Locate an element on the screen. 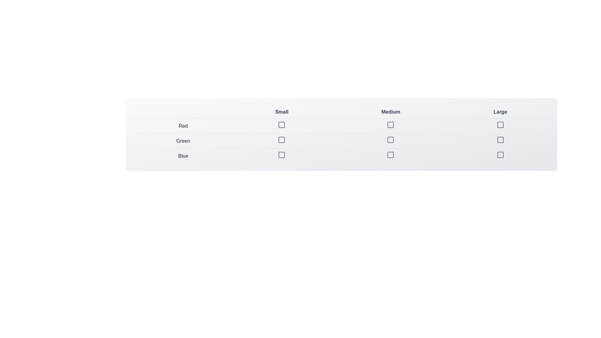  the square-shaped checkbox with rounded corners, styled with a gray border is located at coordinates (500, 125).